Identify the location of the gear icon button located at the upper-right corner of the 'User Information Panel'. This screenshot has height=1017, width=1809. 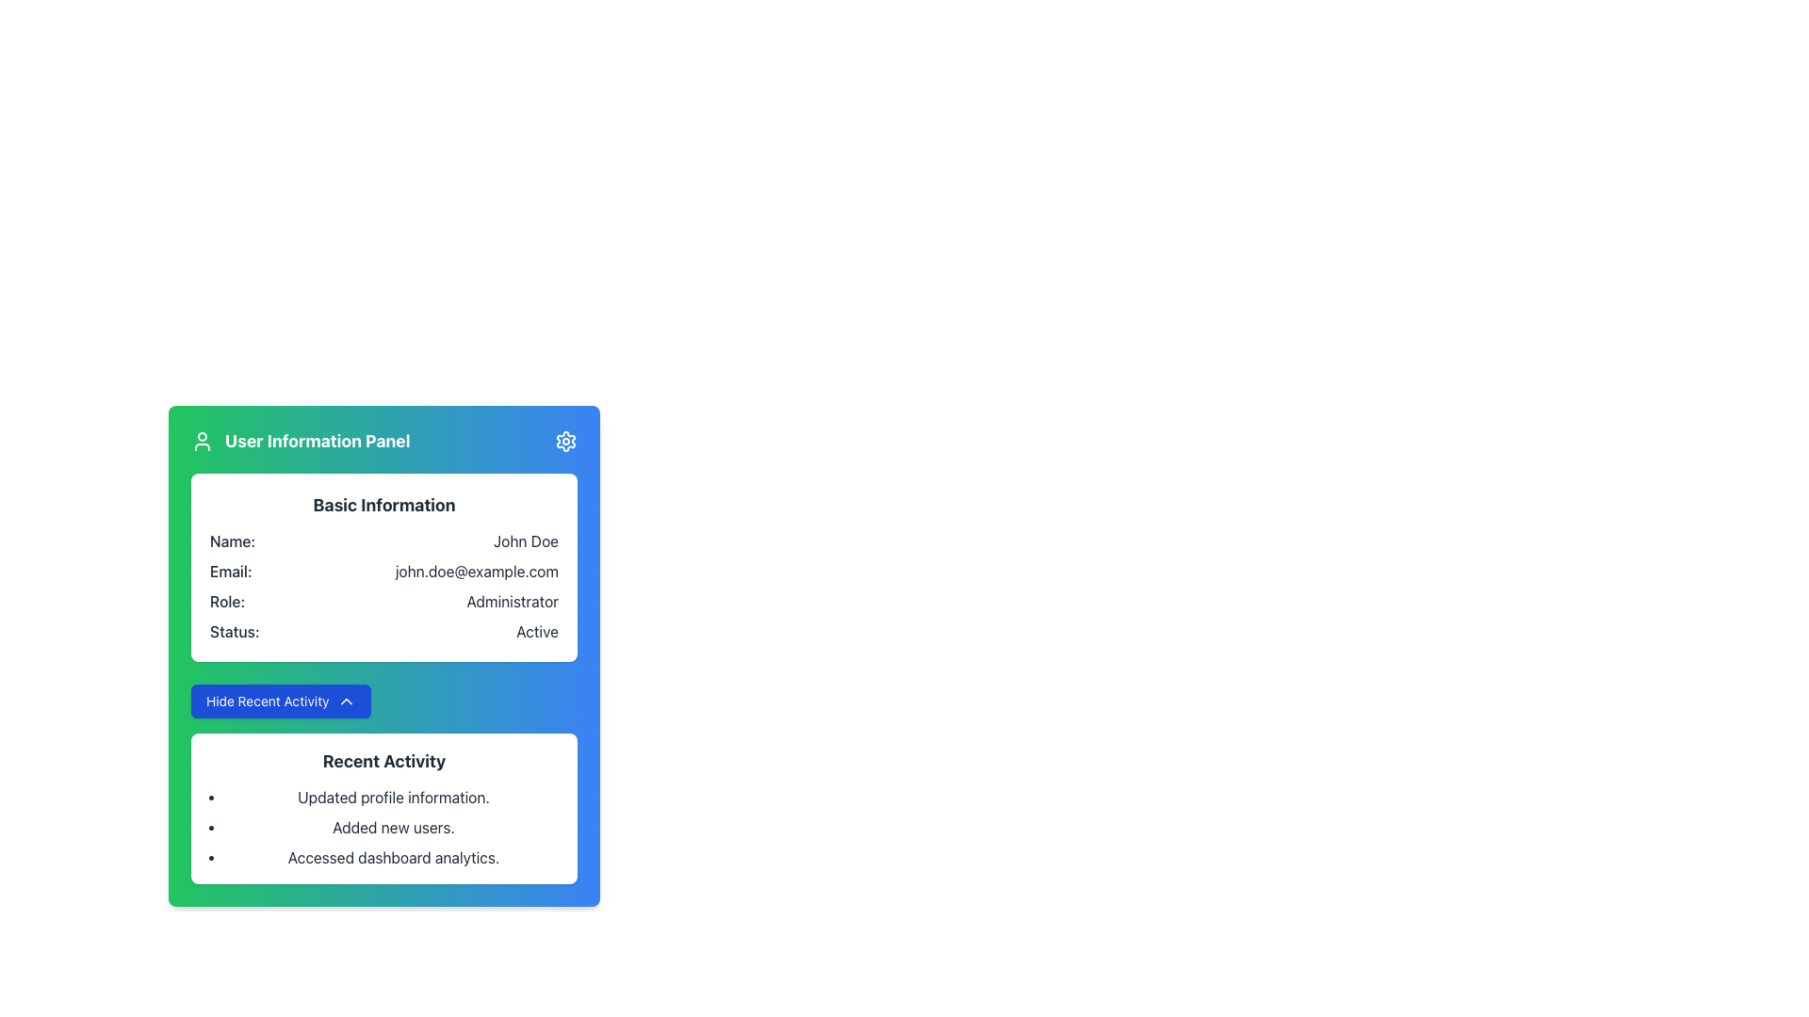
(564, 442).